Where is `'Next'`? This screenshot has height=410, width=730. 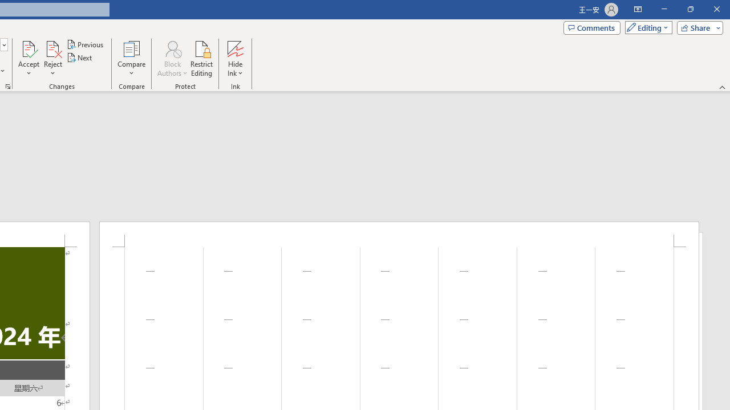
'Next' is located at coordinates (79, 58).